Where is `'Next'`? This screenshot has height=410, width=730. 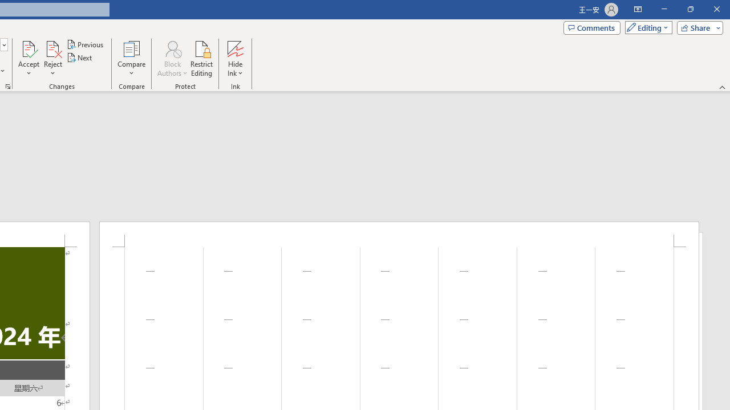
'Next' is located at coordinates (79, 58).